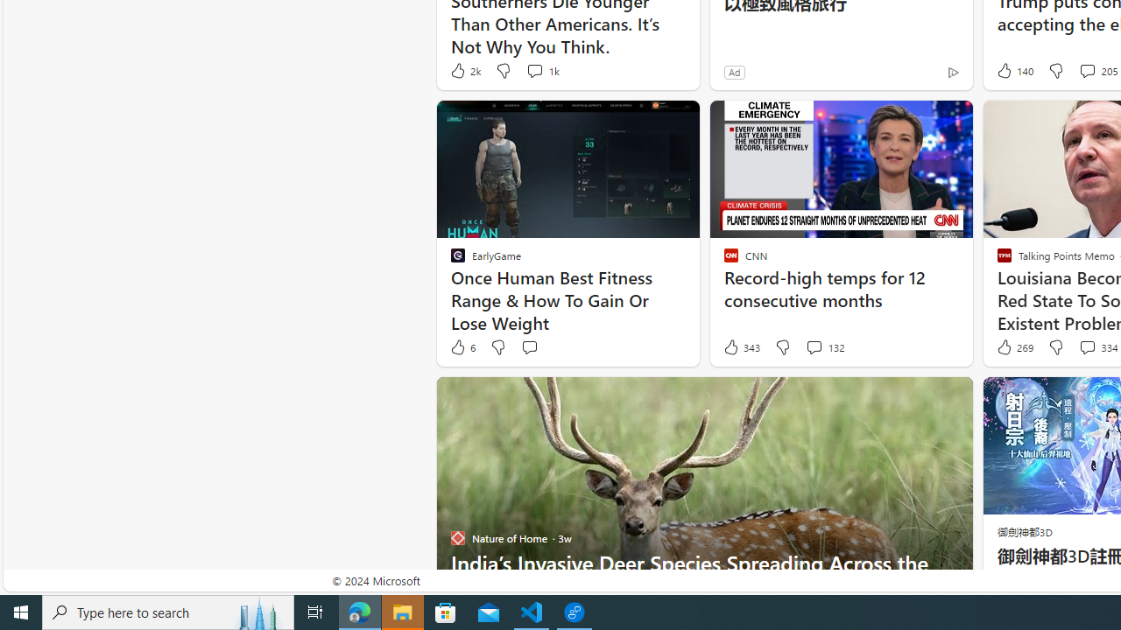  Describe the element at coordinates (824, 347) in the screenshot. I see `'View comments 132 Comment'` at that location.